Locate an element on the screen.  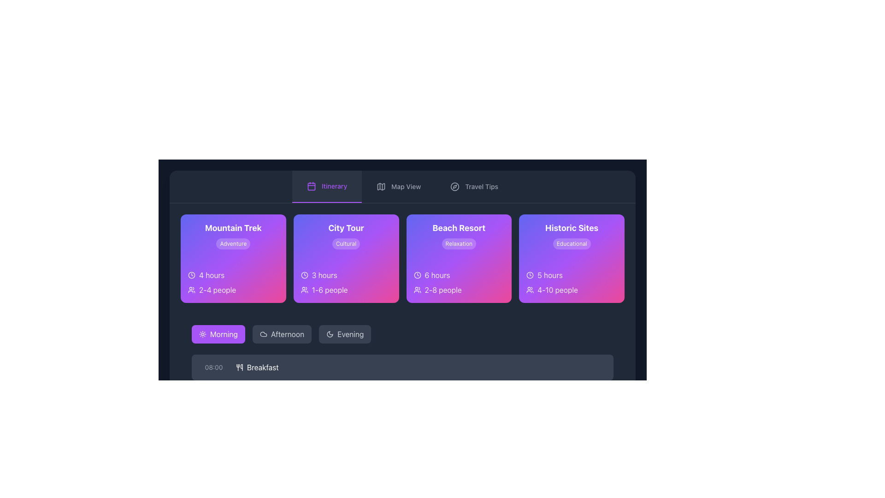
the icon that visually indicates the capacity of '2-4 people', located in the bottom-left corner of the 'Mountain Trek' card, directly below the '4 hours' text segment is located at coordinates (191, 289).